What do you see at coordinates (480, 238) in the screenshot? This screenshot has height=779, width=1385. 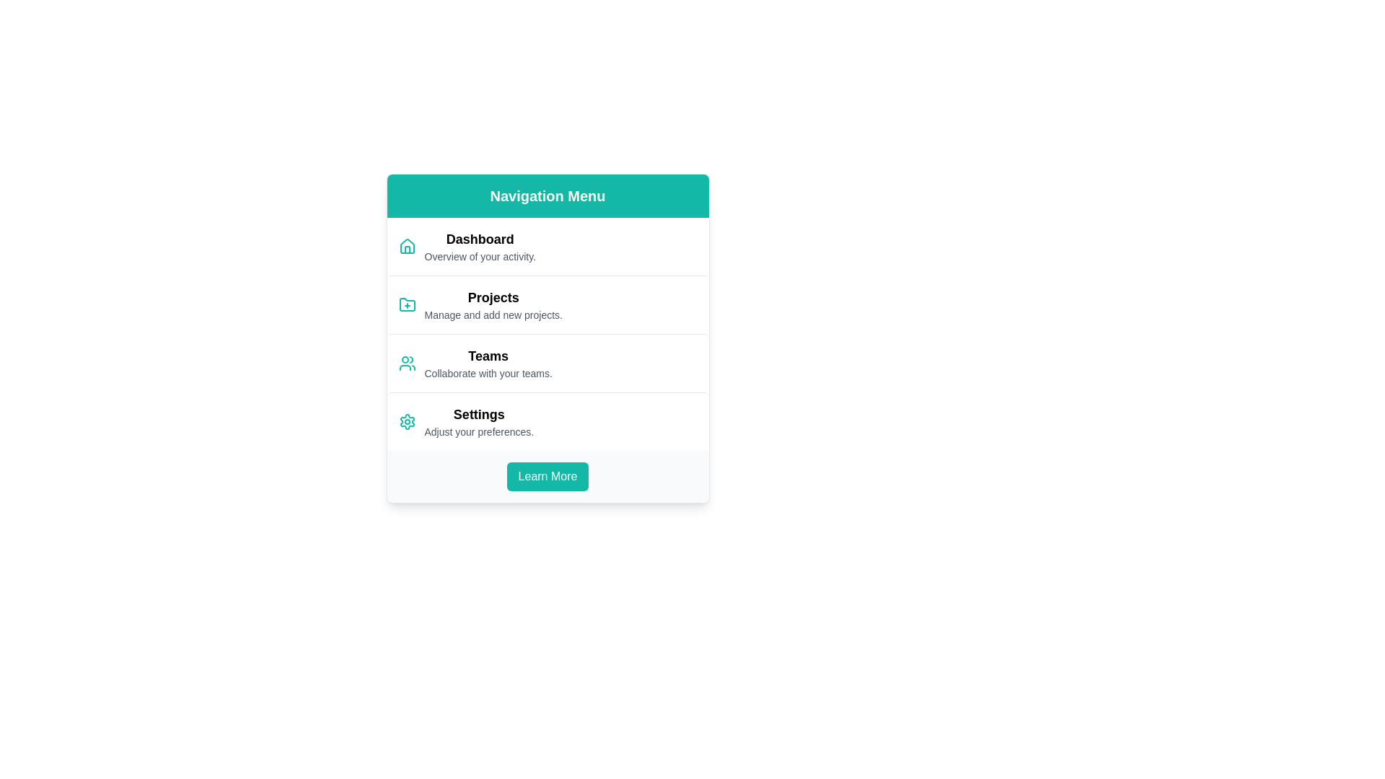 I see `the 'Dashboard' text label, which is the main heading styled in bold and larger font, located under the navigation bar and above the 'Overview of your activity.' text` at bounding box center [480, 238].